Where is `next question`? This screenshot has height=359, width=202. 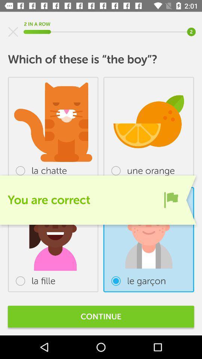 next question is located at coordinates (171, 199).